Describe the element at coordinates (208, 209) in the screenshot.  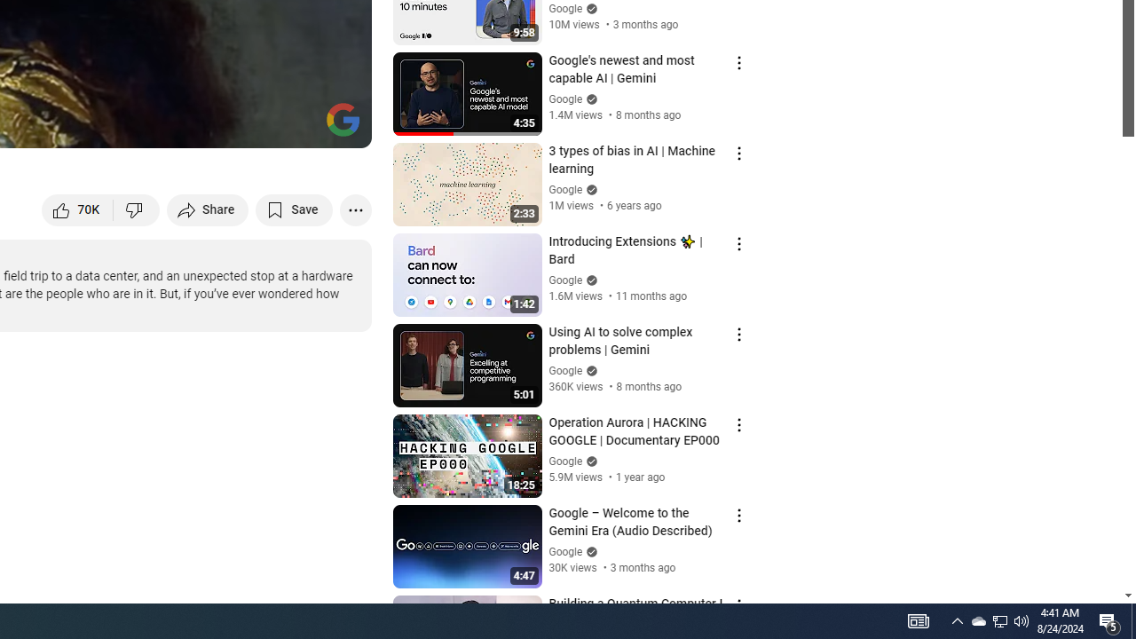
I see `'Share'` at that location.